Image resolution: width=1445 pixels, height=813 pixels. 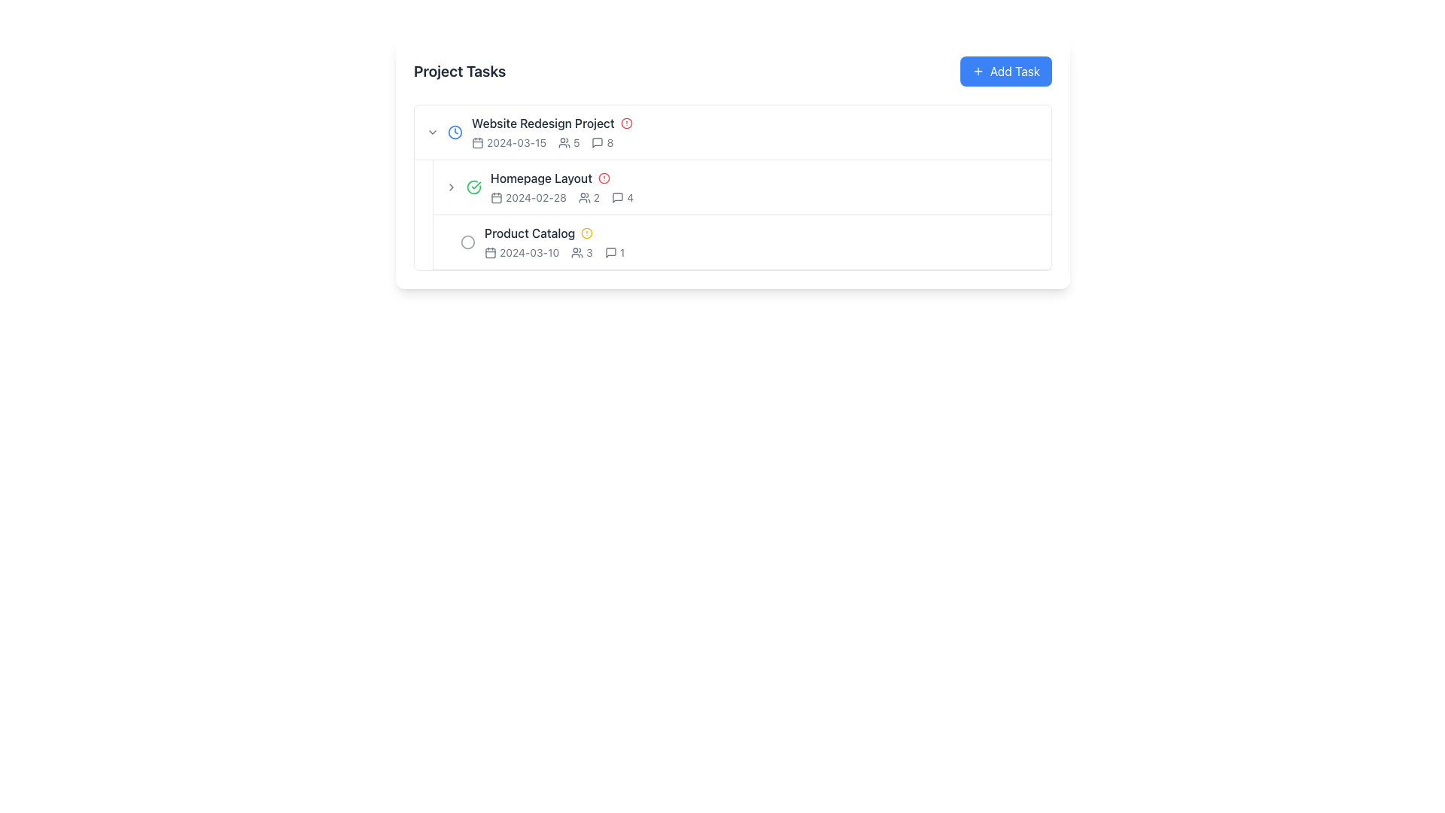 What do you see at coordinates (597, 142) in the screenshot?
I see `the functionality of the messaging icon located next to the 'Website Redesign Project' task under the 'Project Tasks' heading` at bounding box center [597, 142].